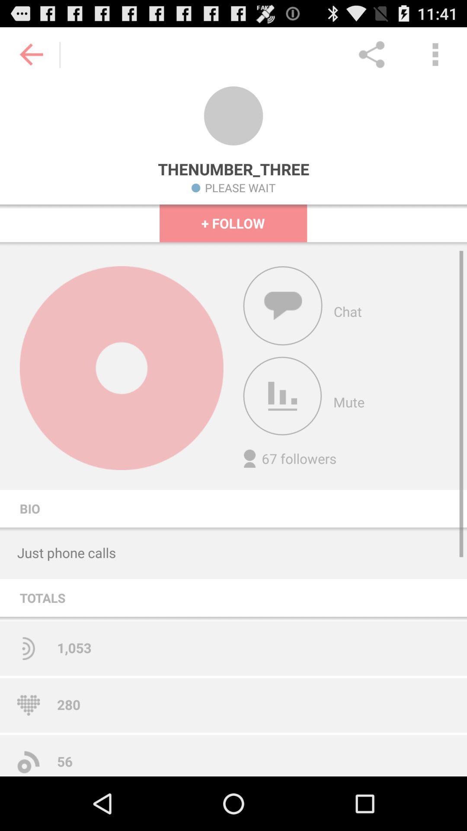 The width and height of the screenshot is (467, 831). Describe the element at coordinates (283, 306) in the screenshot. I see `chat` at that location.